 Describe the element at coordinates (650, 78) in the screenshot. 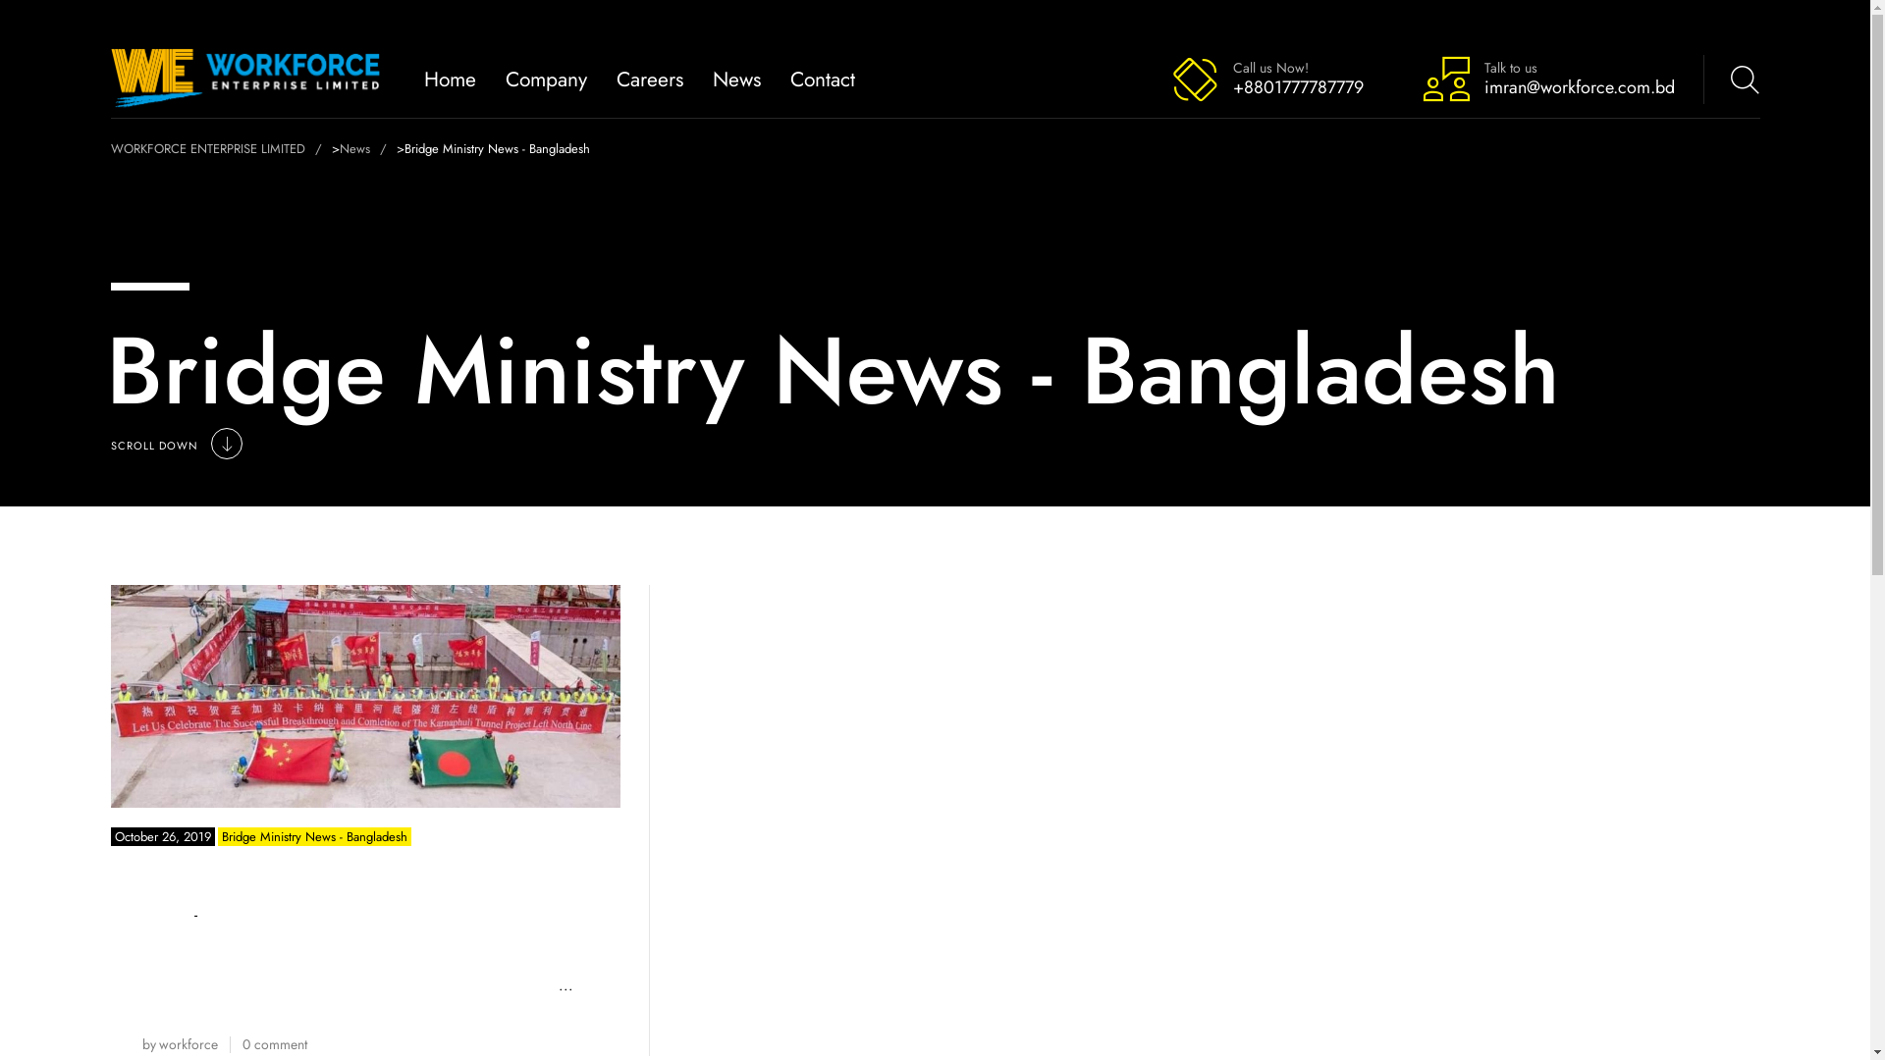

I see `'Careers'` at that location.